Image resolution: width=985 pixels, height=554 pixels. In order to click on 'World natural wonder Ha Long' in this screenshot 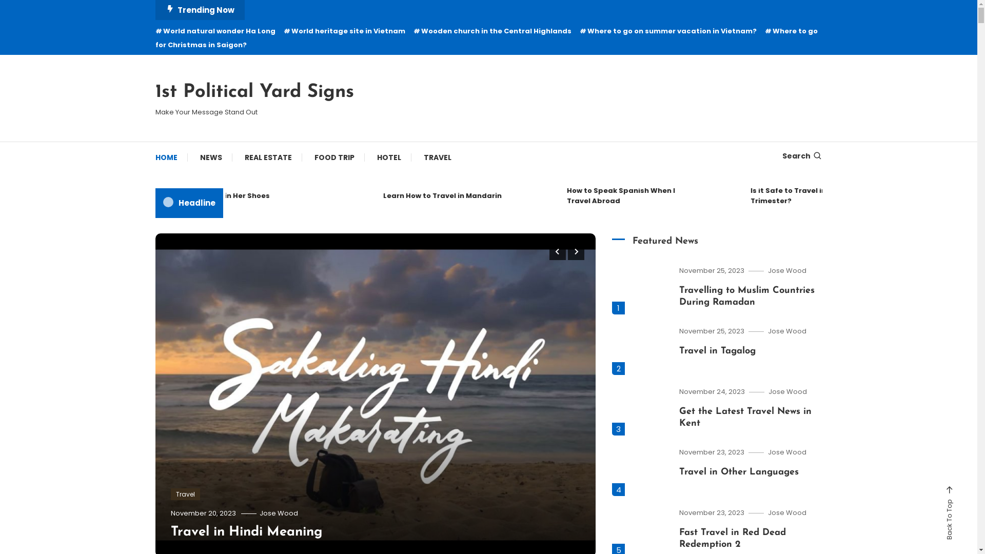, I will do `click(214, 30)`.